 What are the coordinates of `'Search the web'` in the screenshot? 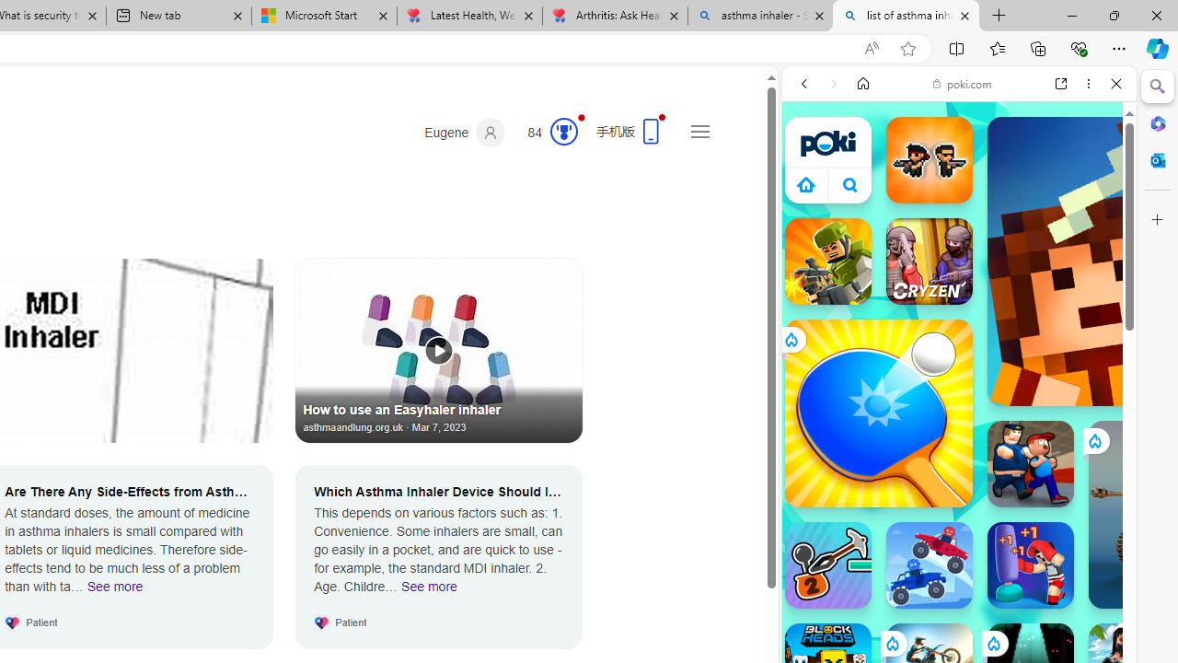 It's located at (967, 126).